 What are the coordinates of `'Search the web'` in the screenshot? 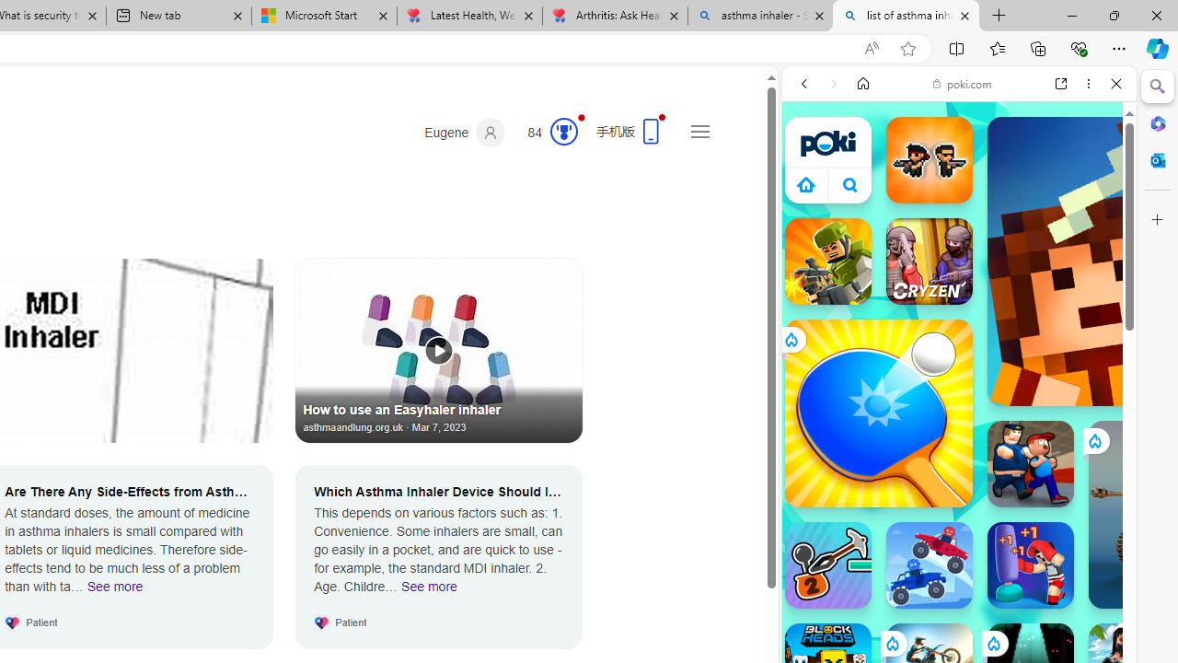 It's located at (967, 126).